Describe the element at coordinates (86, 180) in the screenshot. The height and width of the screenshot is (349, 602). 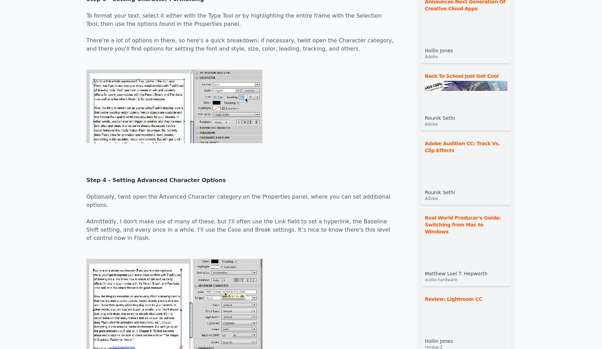
I see `'Step 4 - Setting Advanced Character Options'` at that location.